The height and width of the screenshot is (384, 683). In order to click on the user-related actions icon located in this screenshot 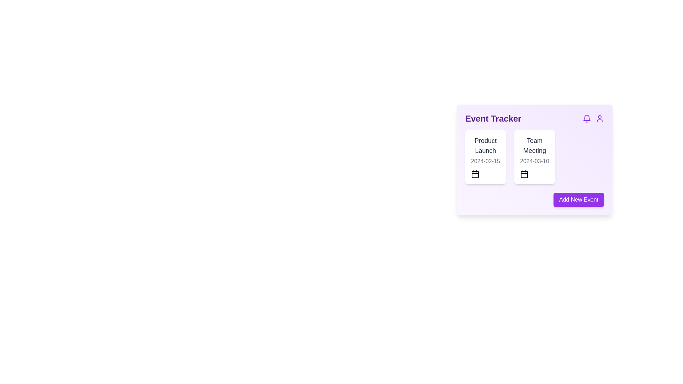, I will do `click(599, 118)`.